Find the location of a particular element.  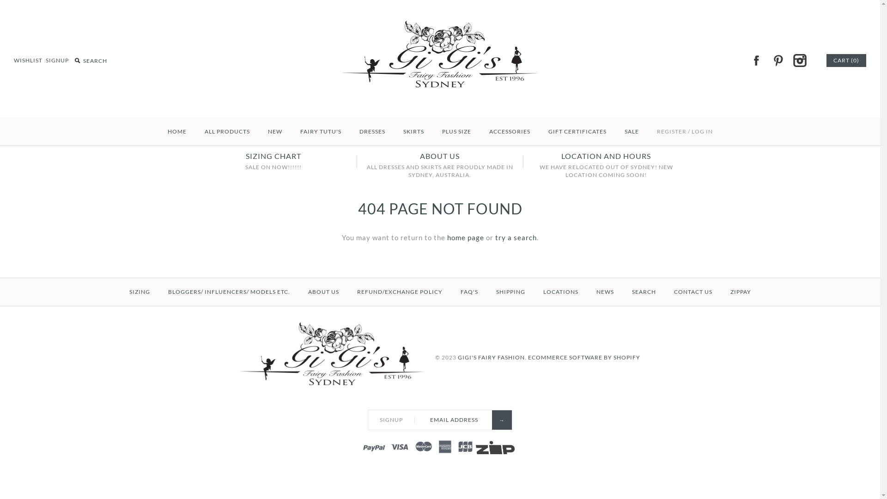

'SHIPPING' is located at coordinates (510, 292).